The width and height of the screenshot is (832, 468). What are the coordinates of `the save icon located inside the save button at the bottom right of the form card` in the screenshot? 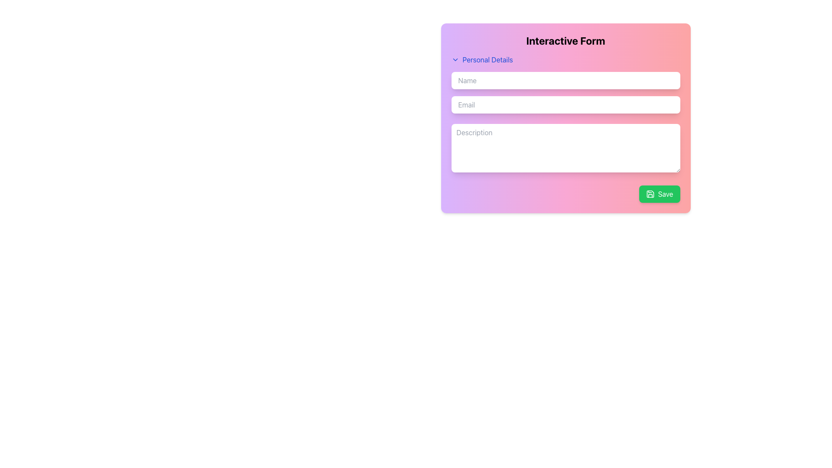 It's located at (650, 193).